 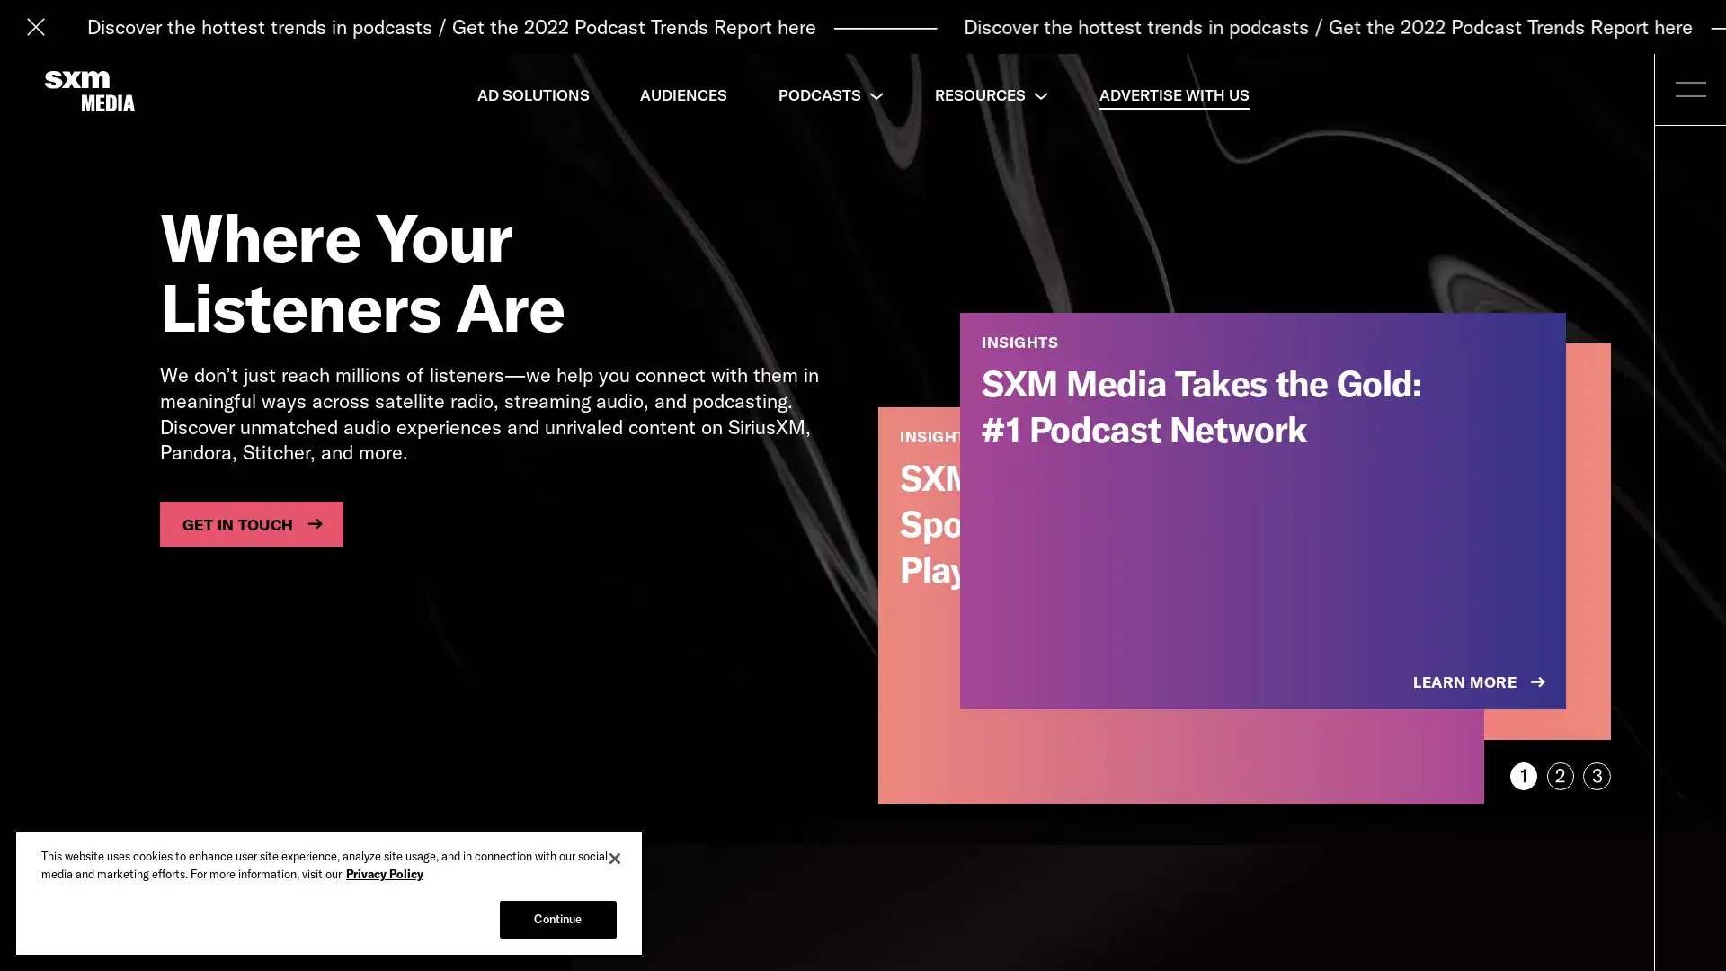 I want to click on 1, so click(x=1522, y=775).